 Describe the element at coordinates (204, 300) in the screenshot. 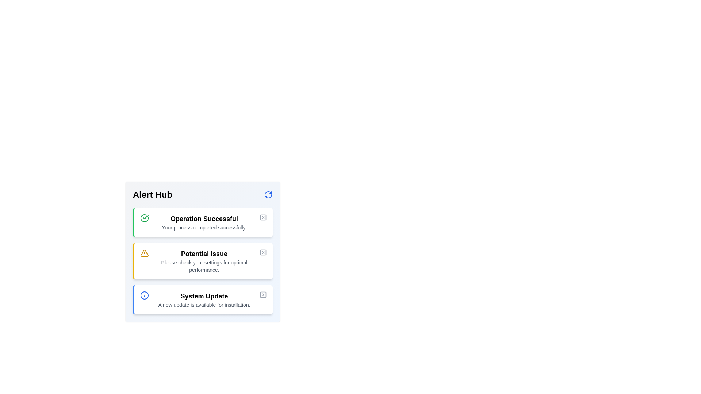

I see `the notification text block that informs users about a system update available for installation, located as the third alert in the 'Alert Hub' section` at that location.